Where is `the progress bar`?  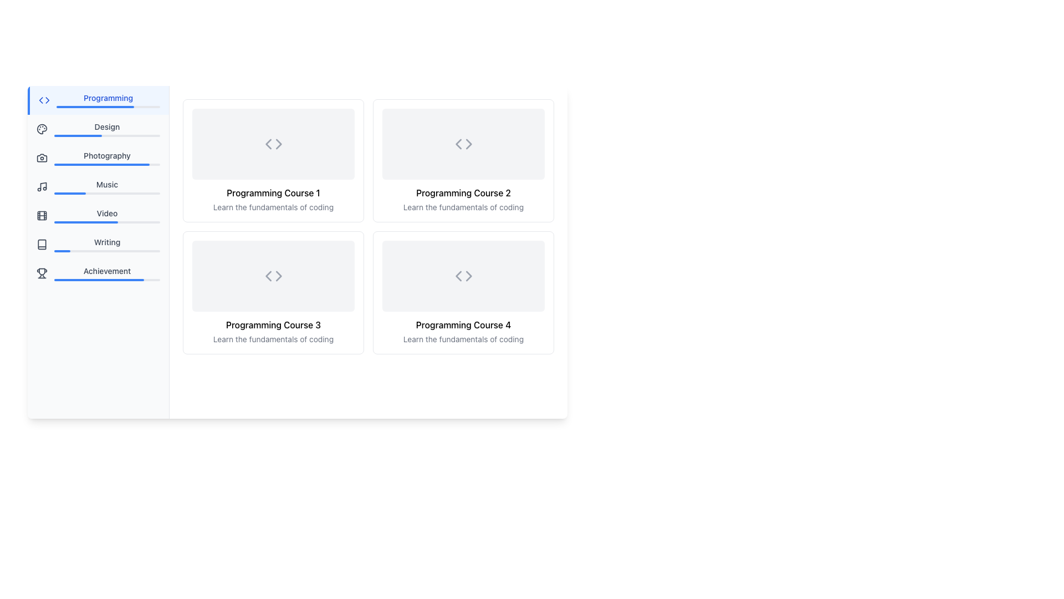
the progress bar is located at coordinates (151, 222).